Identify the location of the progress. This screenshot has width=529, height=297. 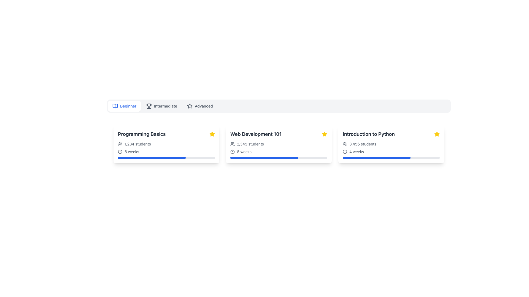
(198, 158).